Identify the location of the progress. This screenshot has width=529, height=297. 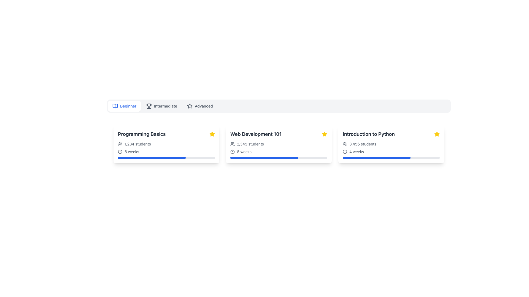
(198, 158).